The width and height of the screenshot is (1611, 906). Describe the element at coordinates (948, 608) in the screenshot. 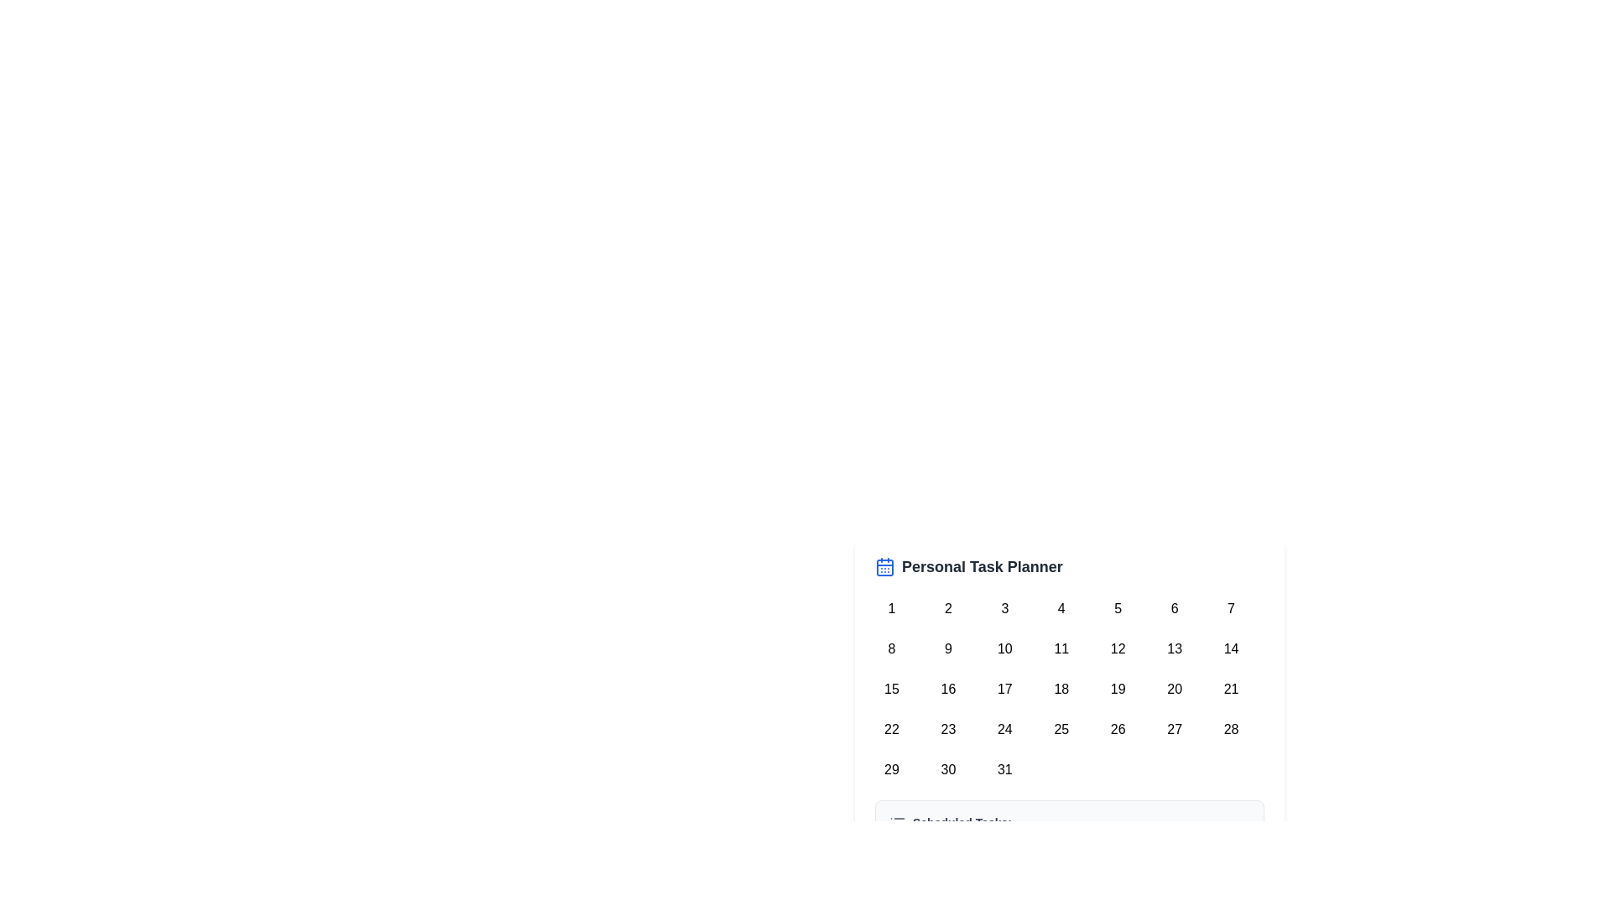

I see `the circular button featuring the number '2', which is the second item in the first row of a 7-column grid layout under the 'Personal Task Planner' title` at that location.